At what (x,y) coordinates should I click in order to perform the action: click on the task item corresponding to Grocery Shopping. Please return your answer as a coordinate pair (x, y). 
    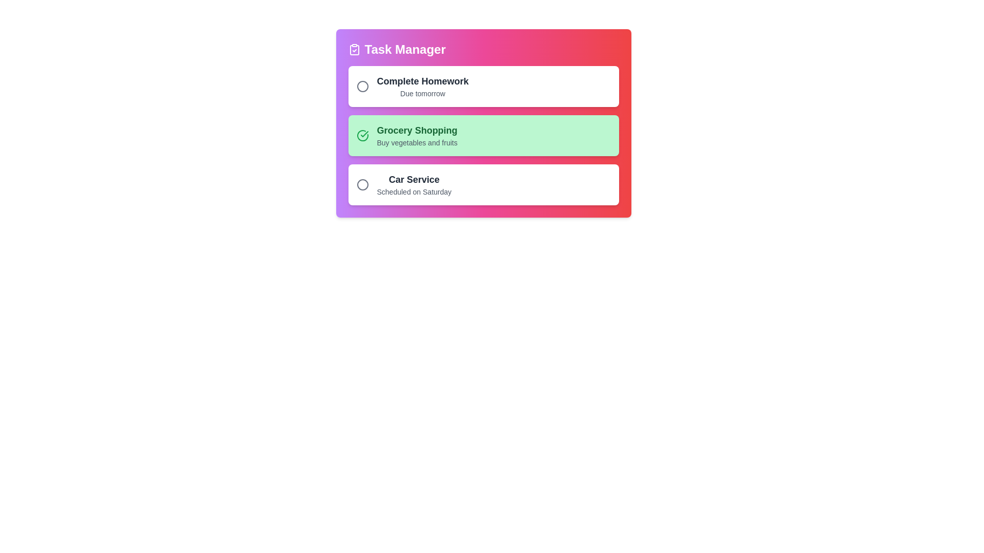
    Looking at the image, I should click on (483, 135).